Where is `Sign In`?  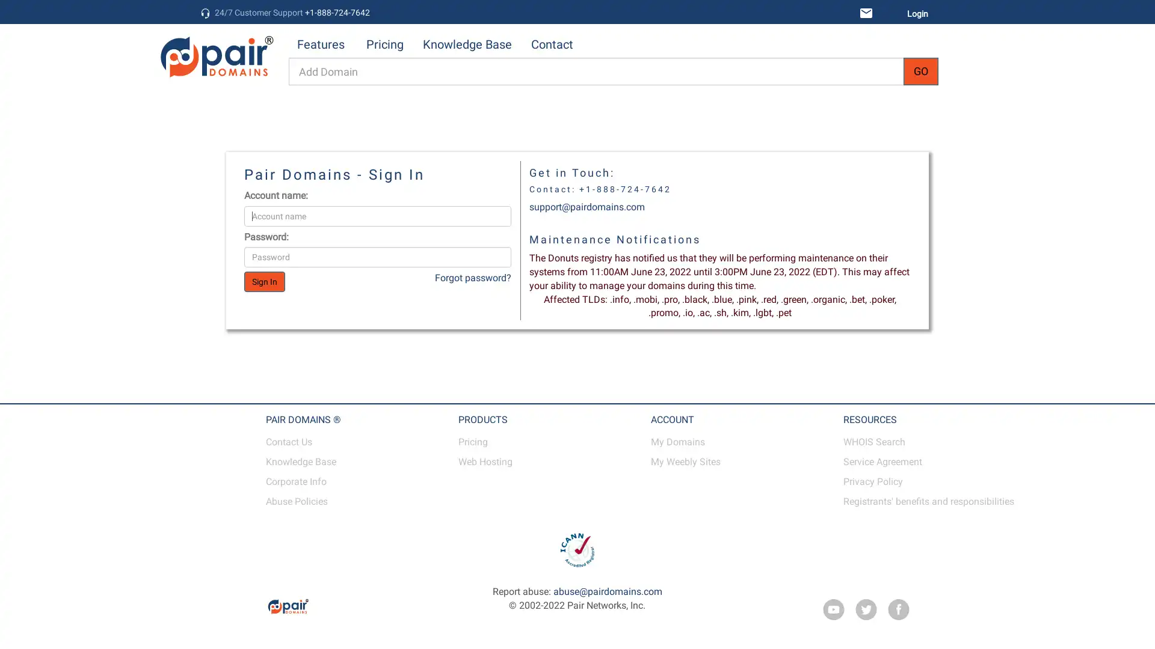 Sign In is located at coordinates (264, 282).